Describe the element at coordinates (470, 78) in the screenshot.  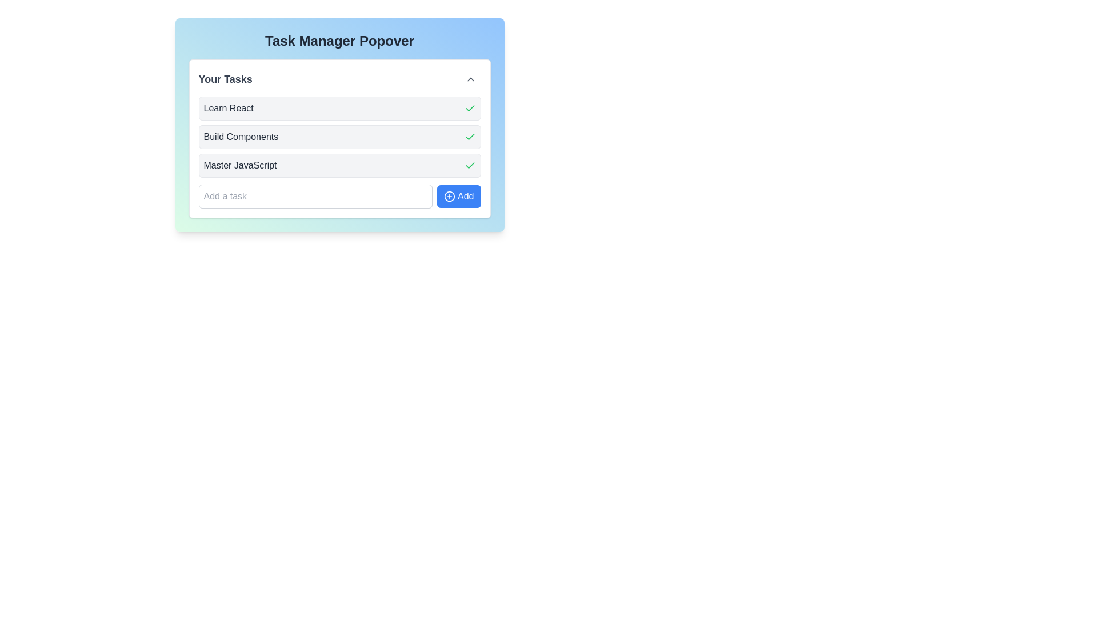
I see `the upward-facing chevron arrow button outlined in dark gray` at that location.